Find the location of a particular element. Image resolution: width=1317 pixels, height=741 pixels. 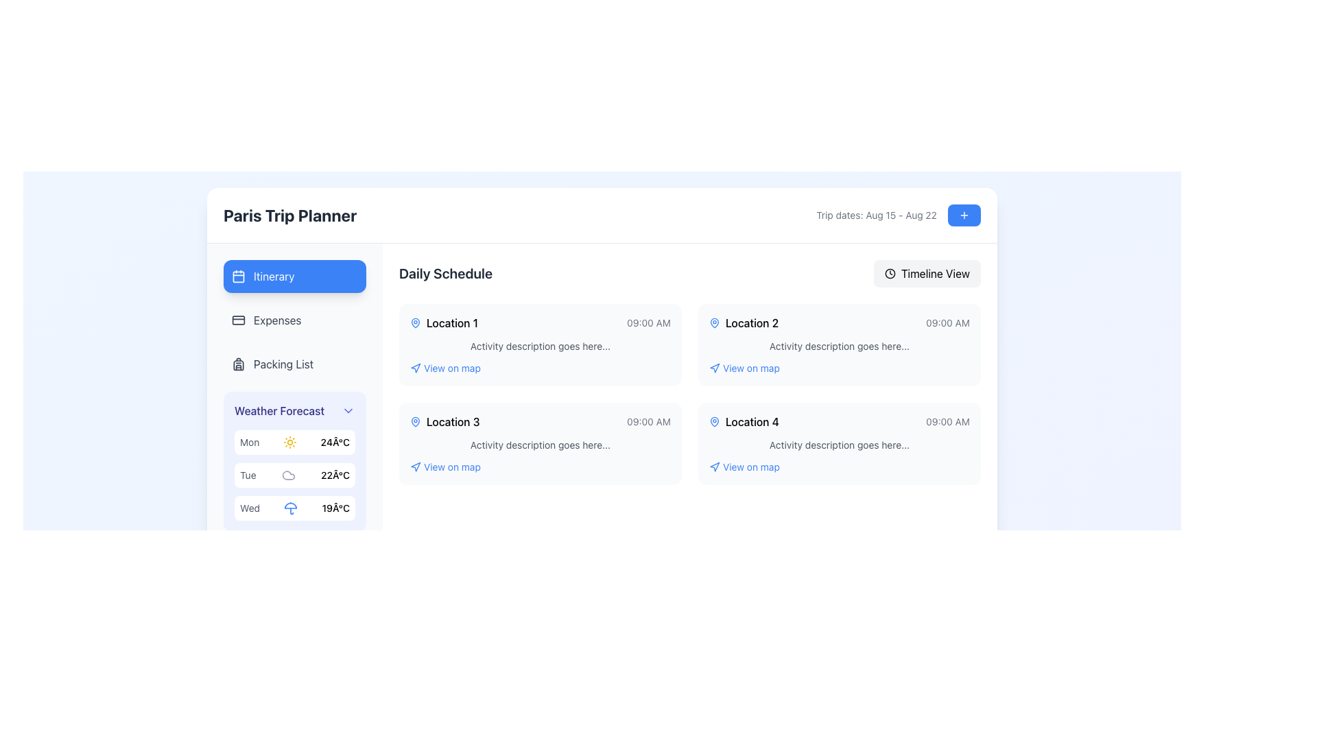

text content of the text label displaying 'Location 3' which is positioned in the 'Daily Schedule' section of the trip planner interface is located at coordinates (453, 421).